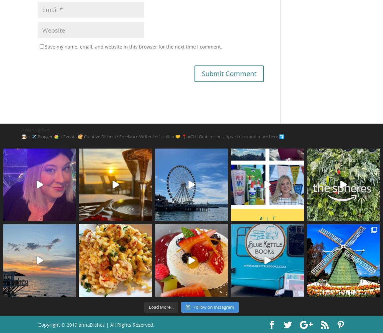 The width and height of the screenshot is (383, 333). I want to click on '🎨 Creative Disher  // Freelance Writer', so click(77, 136).